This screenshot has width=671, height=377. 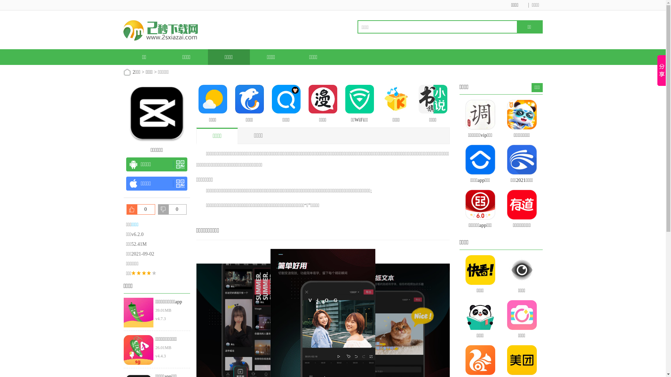 I want to click on '0', so click(x=172, y=209).